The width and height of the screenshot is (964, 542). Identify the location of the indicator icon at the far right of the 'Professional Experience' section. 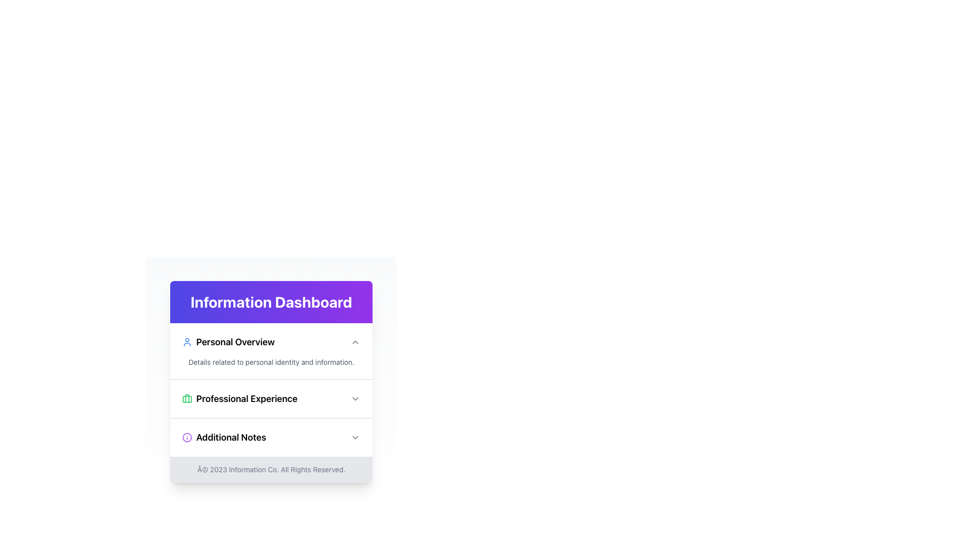
(355, 398).